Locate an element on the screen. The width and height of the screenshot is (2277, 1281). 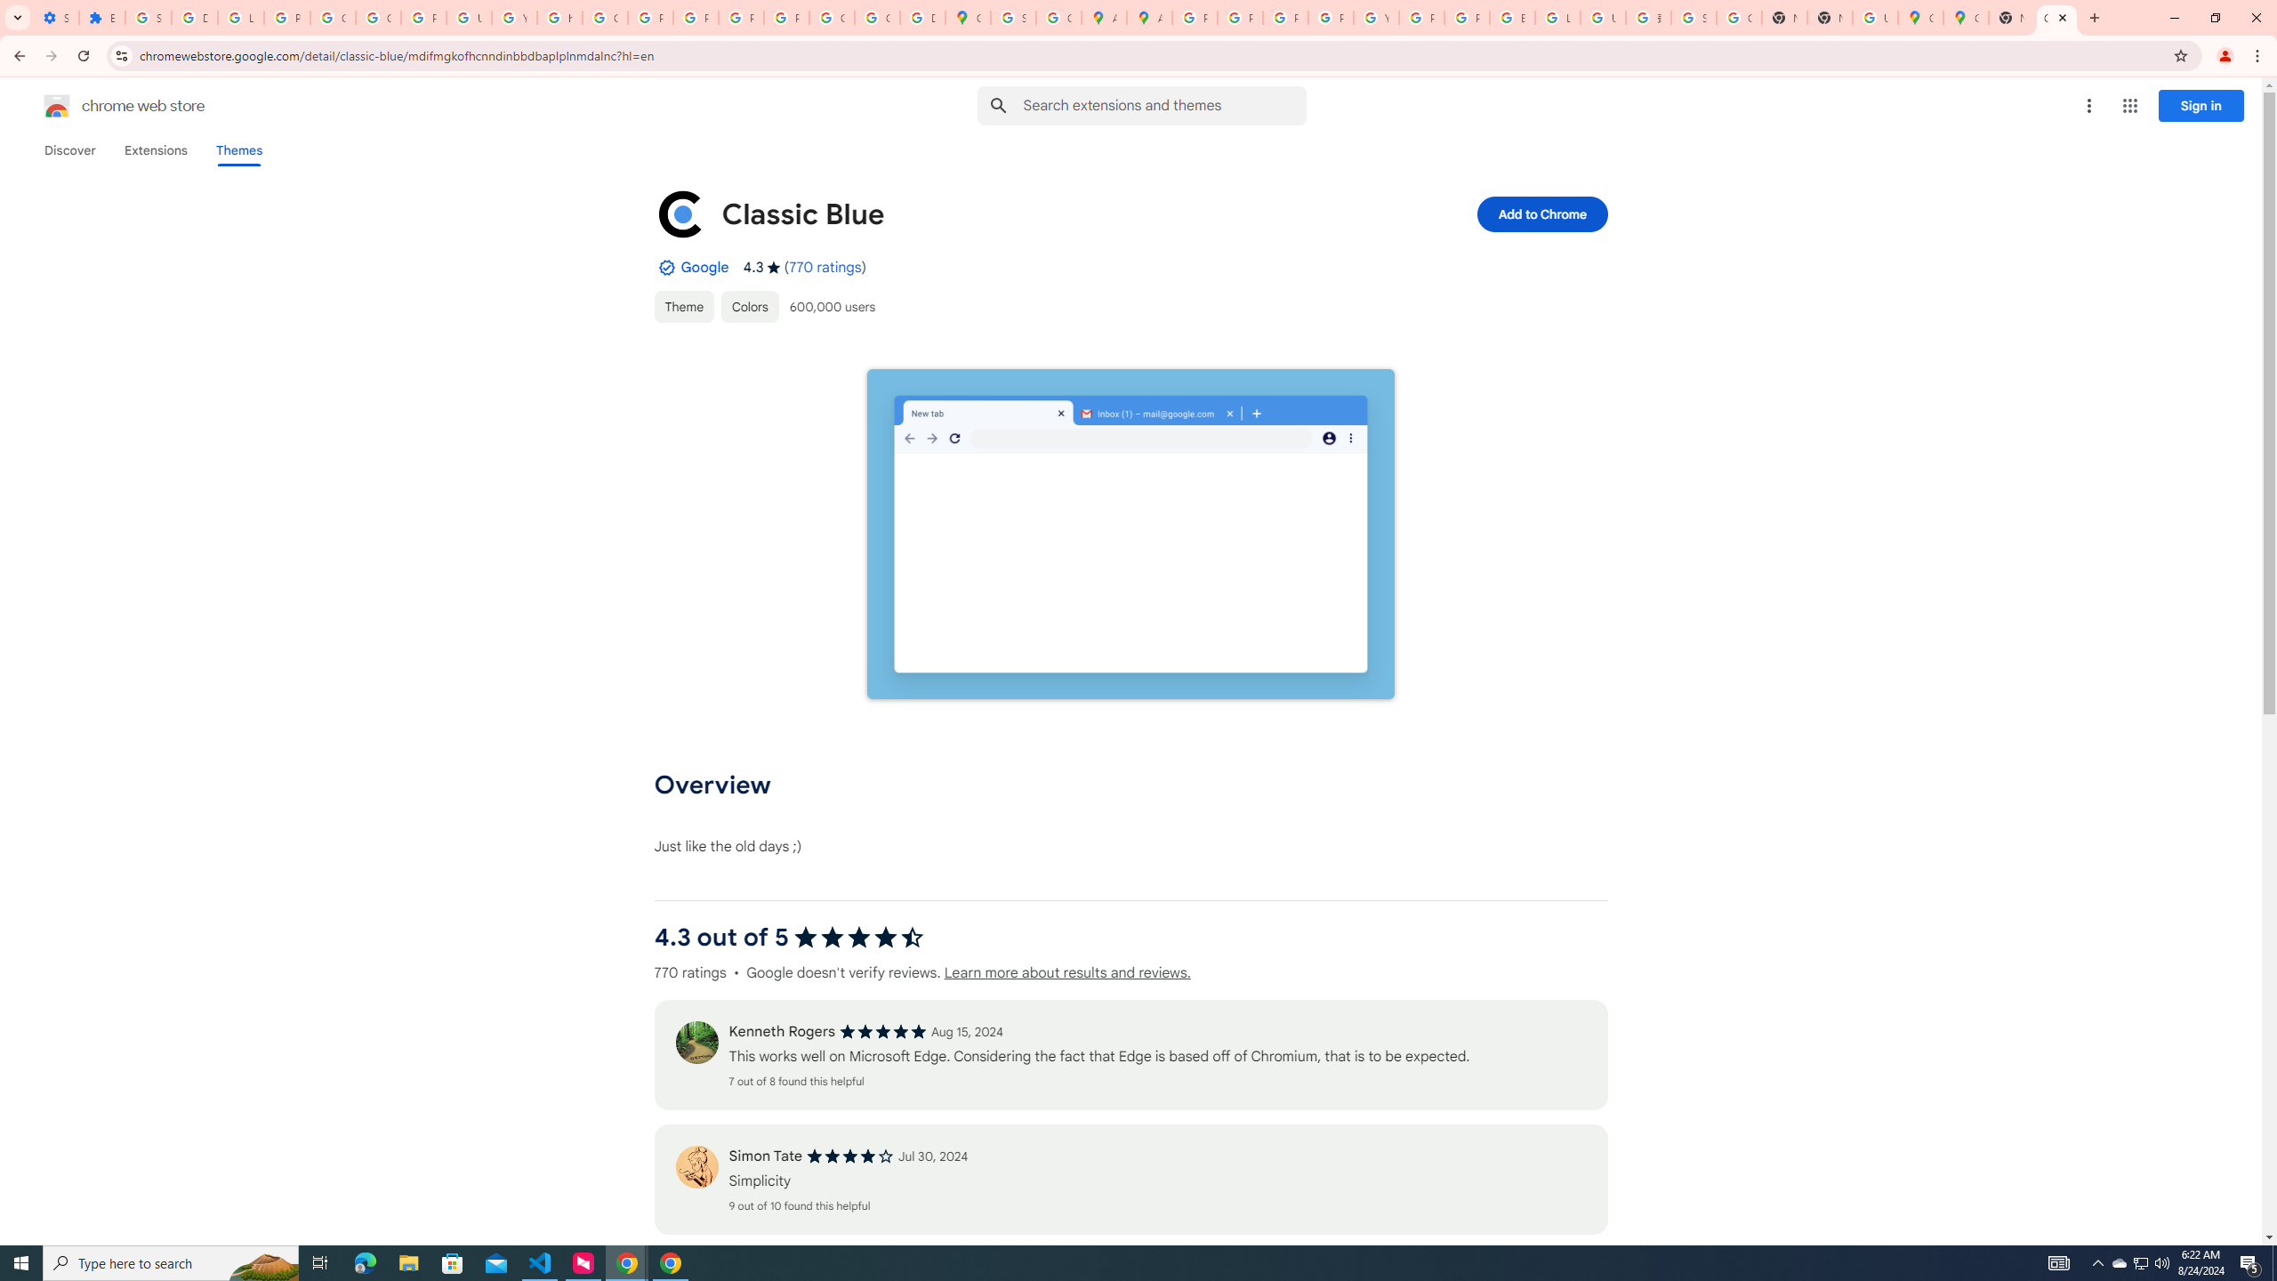
'Delete photos & videos - Computer - Google Photos Help' is located at coordinates (193, 17).